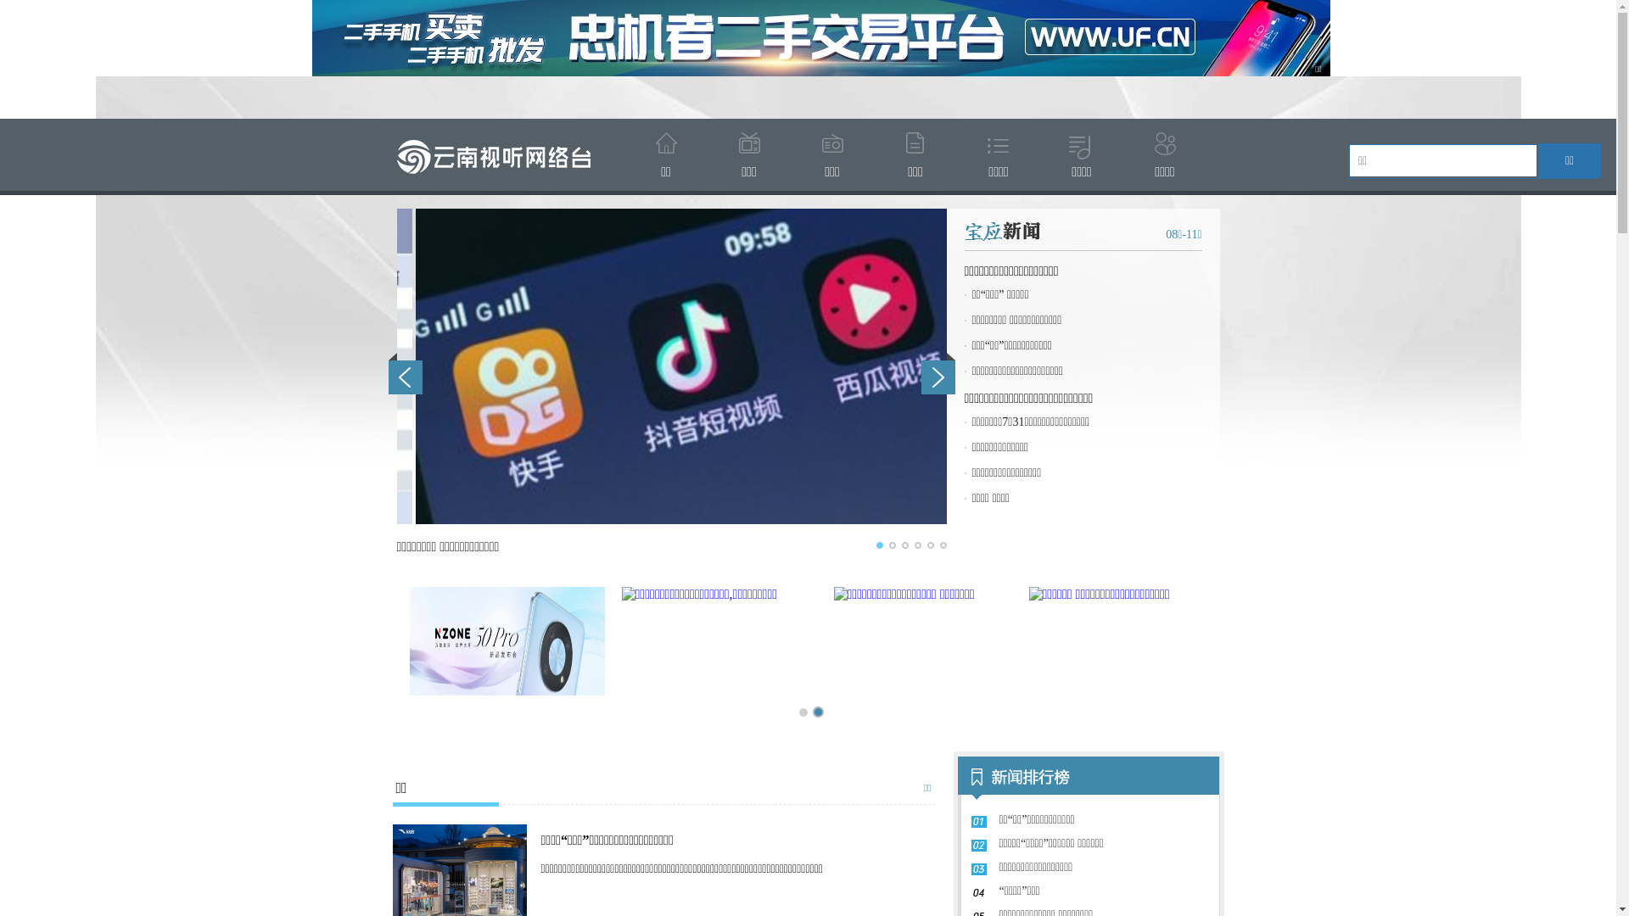 Image resolution: width=1629 pixels, height=916 pixels. What do you see at coordinates (891, 545) in the screenshot?
I see `'2'` at bounding box center [891, 545].